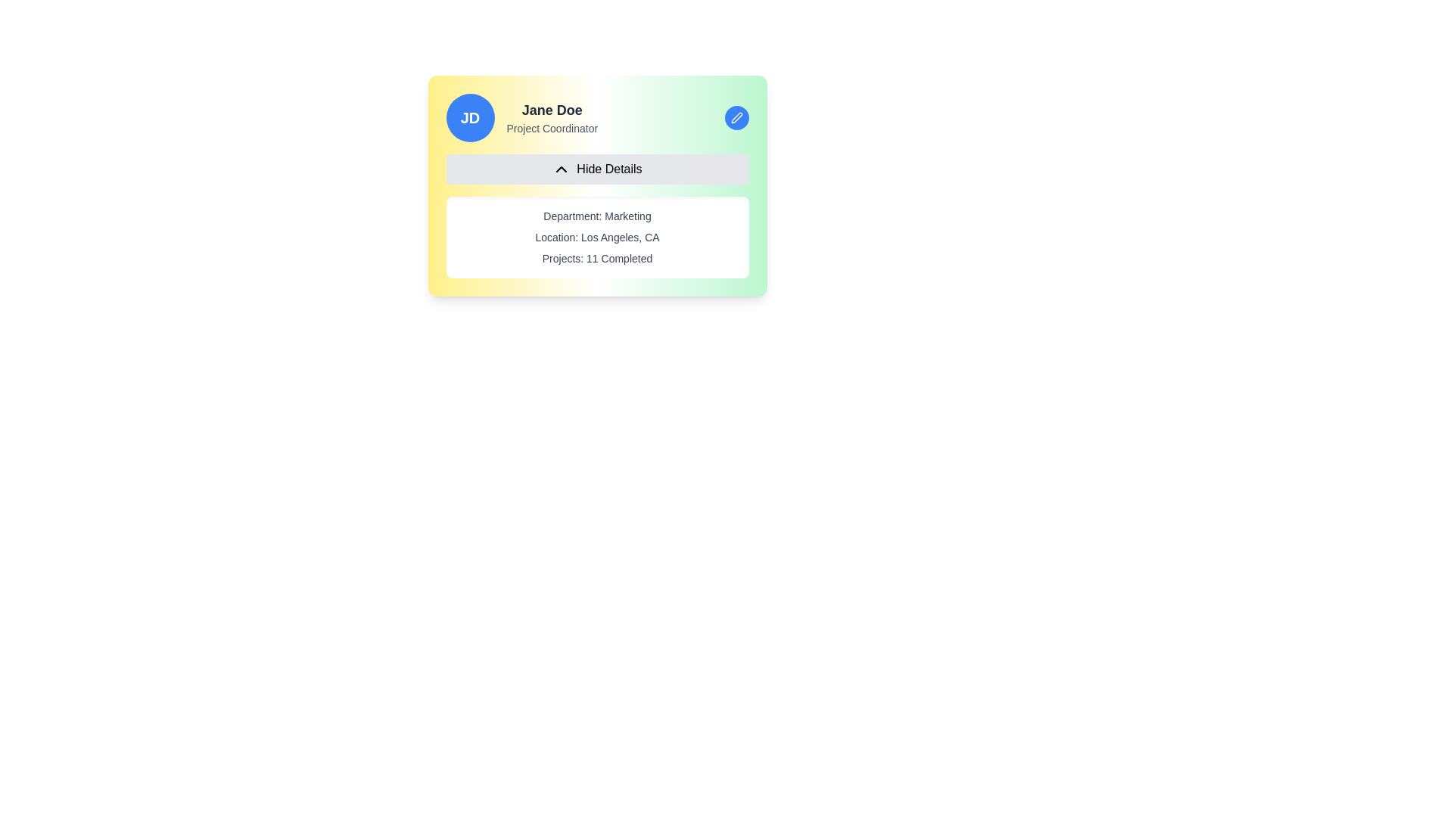 The width and height of the screenshot is (1453, 817). I want to click on the static text that summarizes the number of projects completed, located below the 'Location: Los Angeles, CA' text, for accessibility purposes, so click(596, 258).